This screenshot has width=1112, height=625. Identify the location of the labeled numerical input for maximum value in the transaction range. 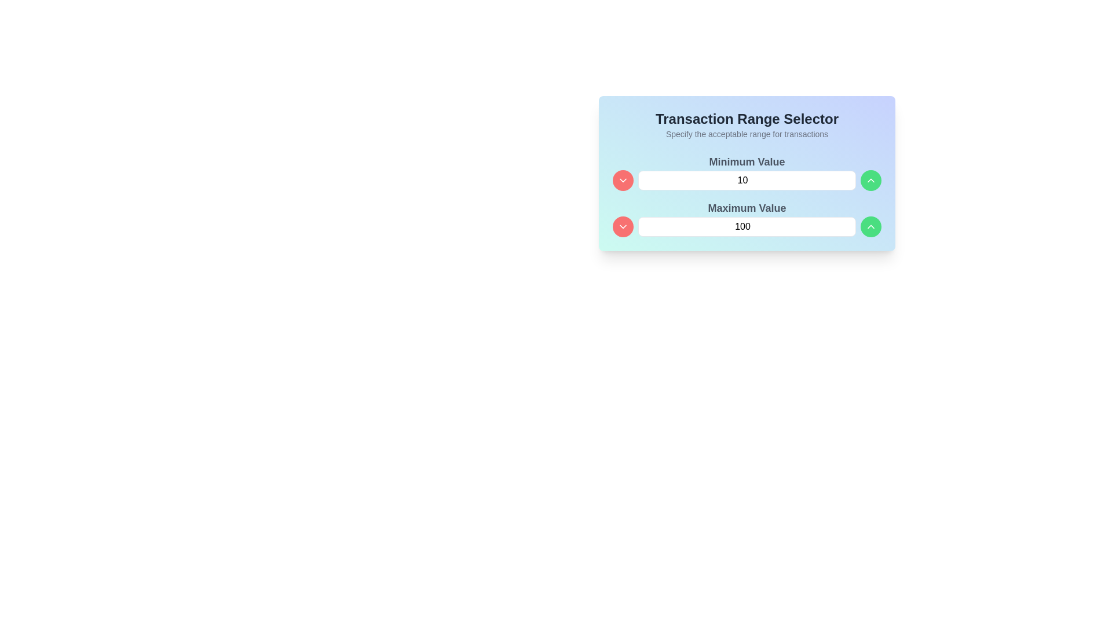
(747, 219).